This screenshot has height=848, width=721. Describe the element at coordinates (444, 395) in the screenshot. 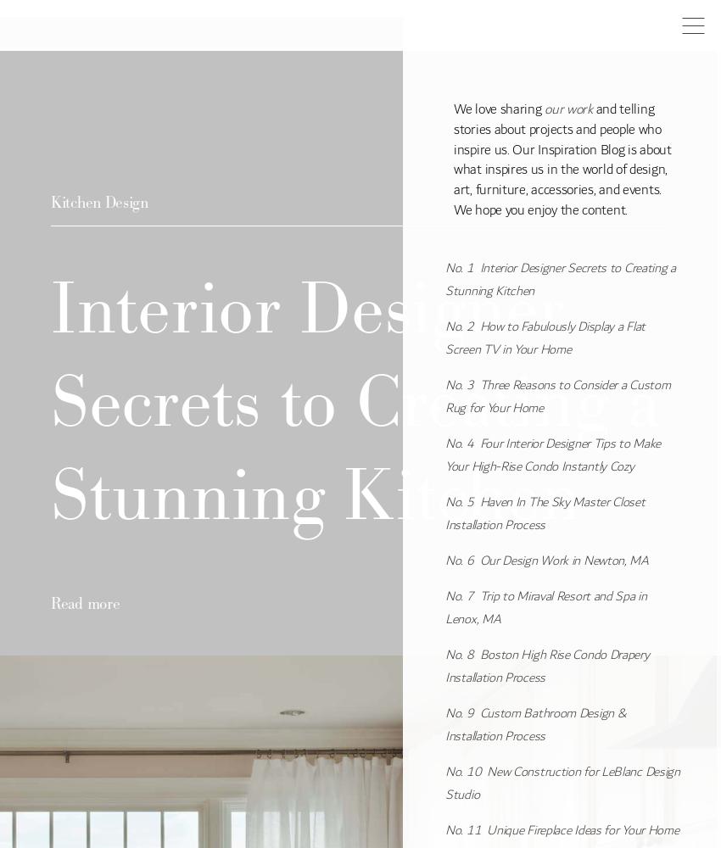

I see `'Three Reasons to Consider a Custom Rug for Your Home'` at that location.